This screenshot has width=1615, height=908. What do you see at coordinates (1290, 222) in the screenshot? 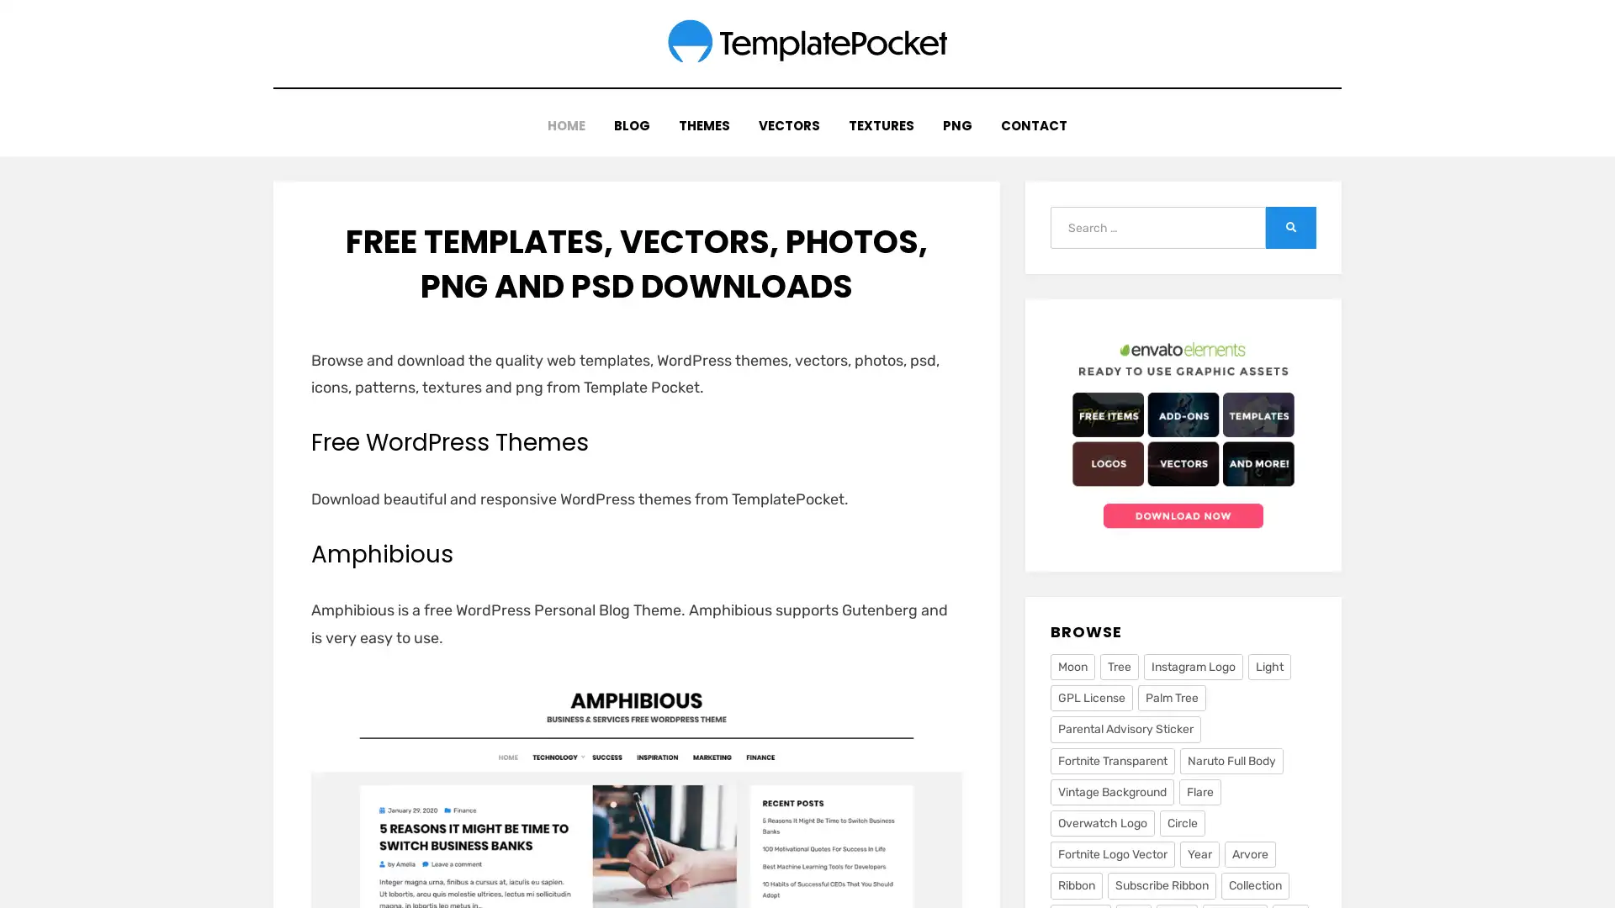
I see `SEARCH` at bounding box center [1290, 222].